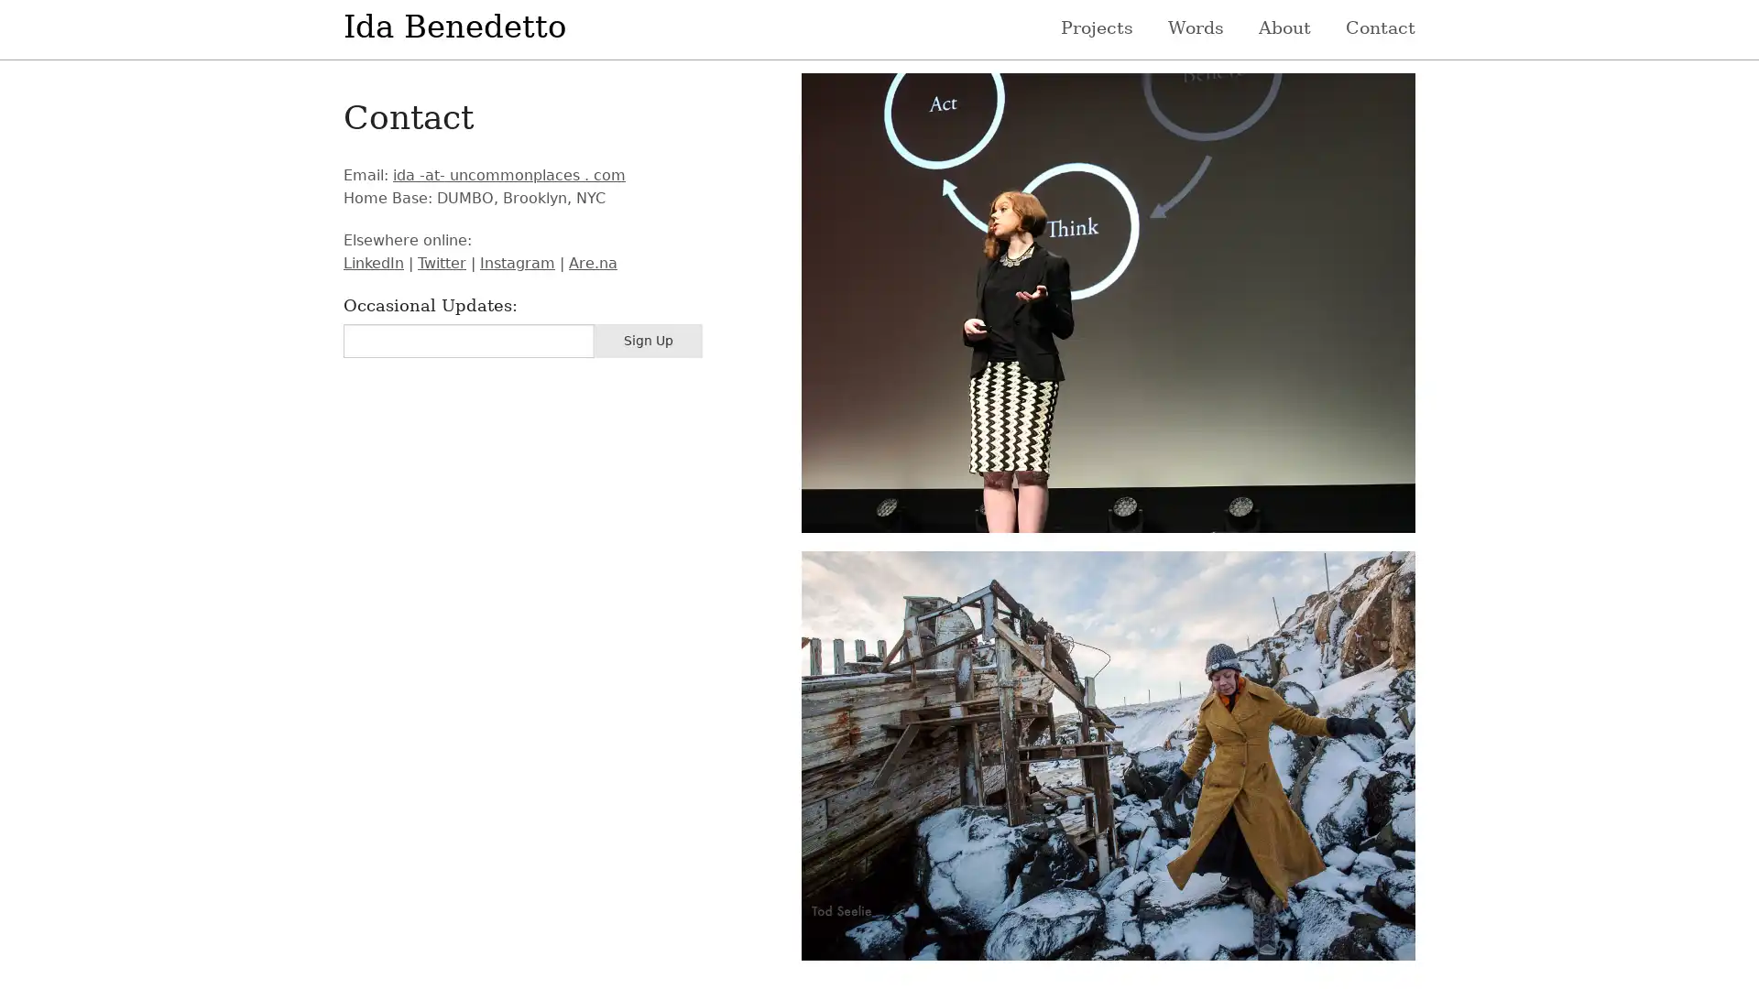 This screenshot has width=1759, height=989. I want to click on Sign Up, so click(648, 341).